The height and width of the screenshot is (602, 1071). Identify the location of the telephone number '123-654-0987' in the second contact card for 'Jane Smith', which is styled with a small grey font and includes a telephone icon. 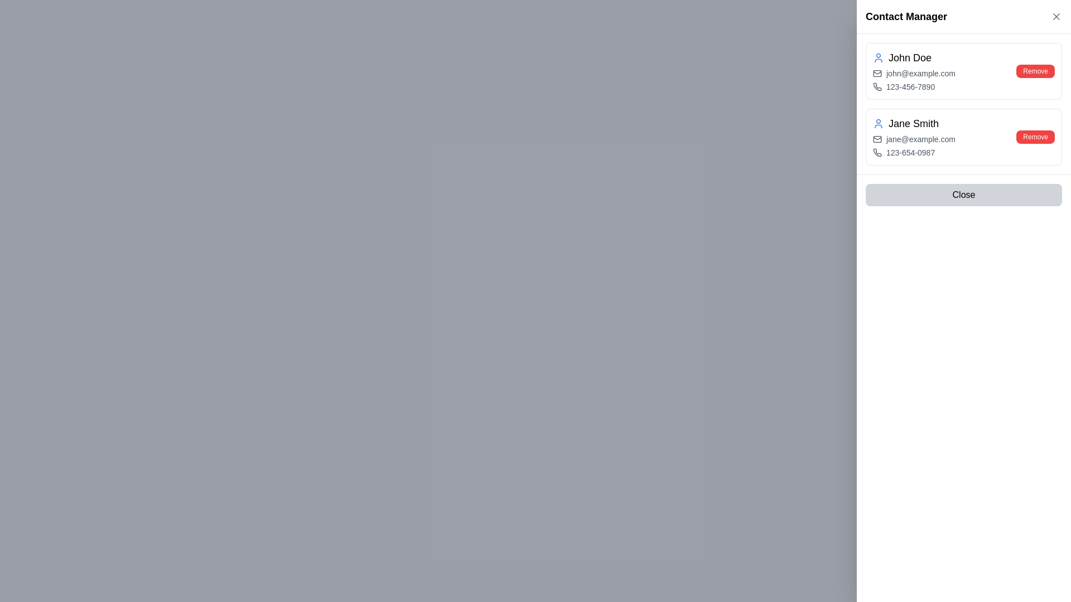
(914, 152).